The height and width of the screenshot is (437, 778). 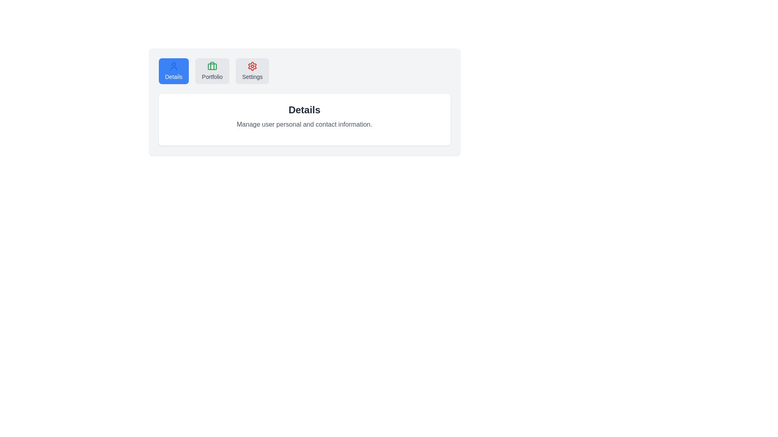 What do you see at coordinates (252, 71) in the screenshot?
I see `the Settings tab` at bounding box center [252, 71].